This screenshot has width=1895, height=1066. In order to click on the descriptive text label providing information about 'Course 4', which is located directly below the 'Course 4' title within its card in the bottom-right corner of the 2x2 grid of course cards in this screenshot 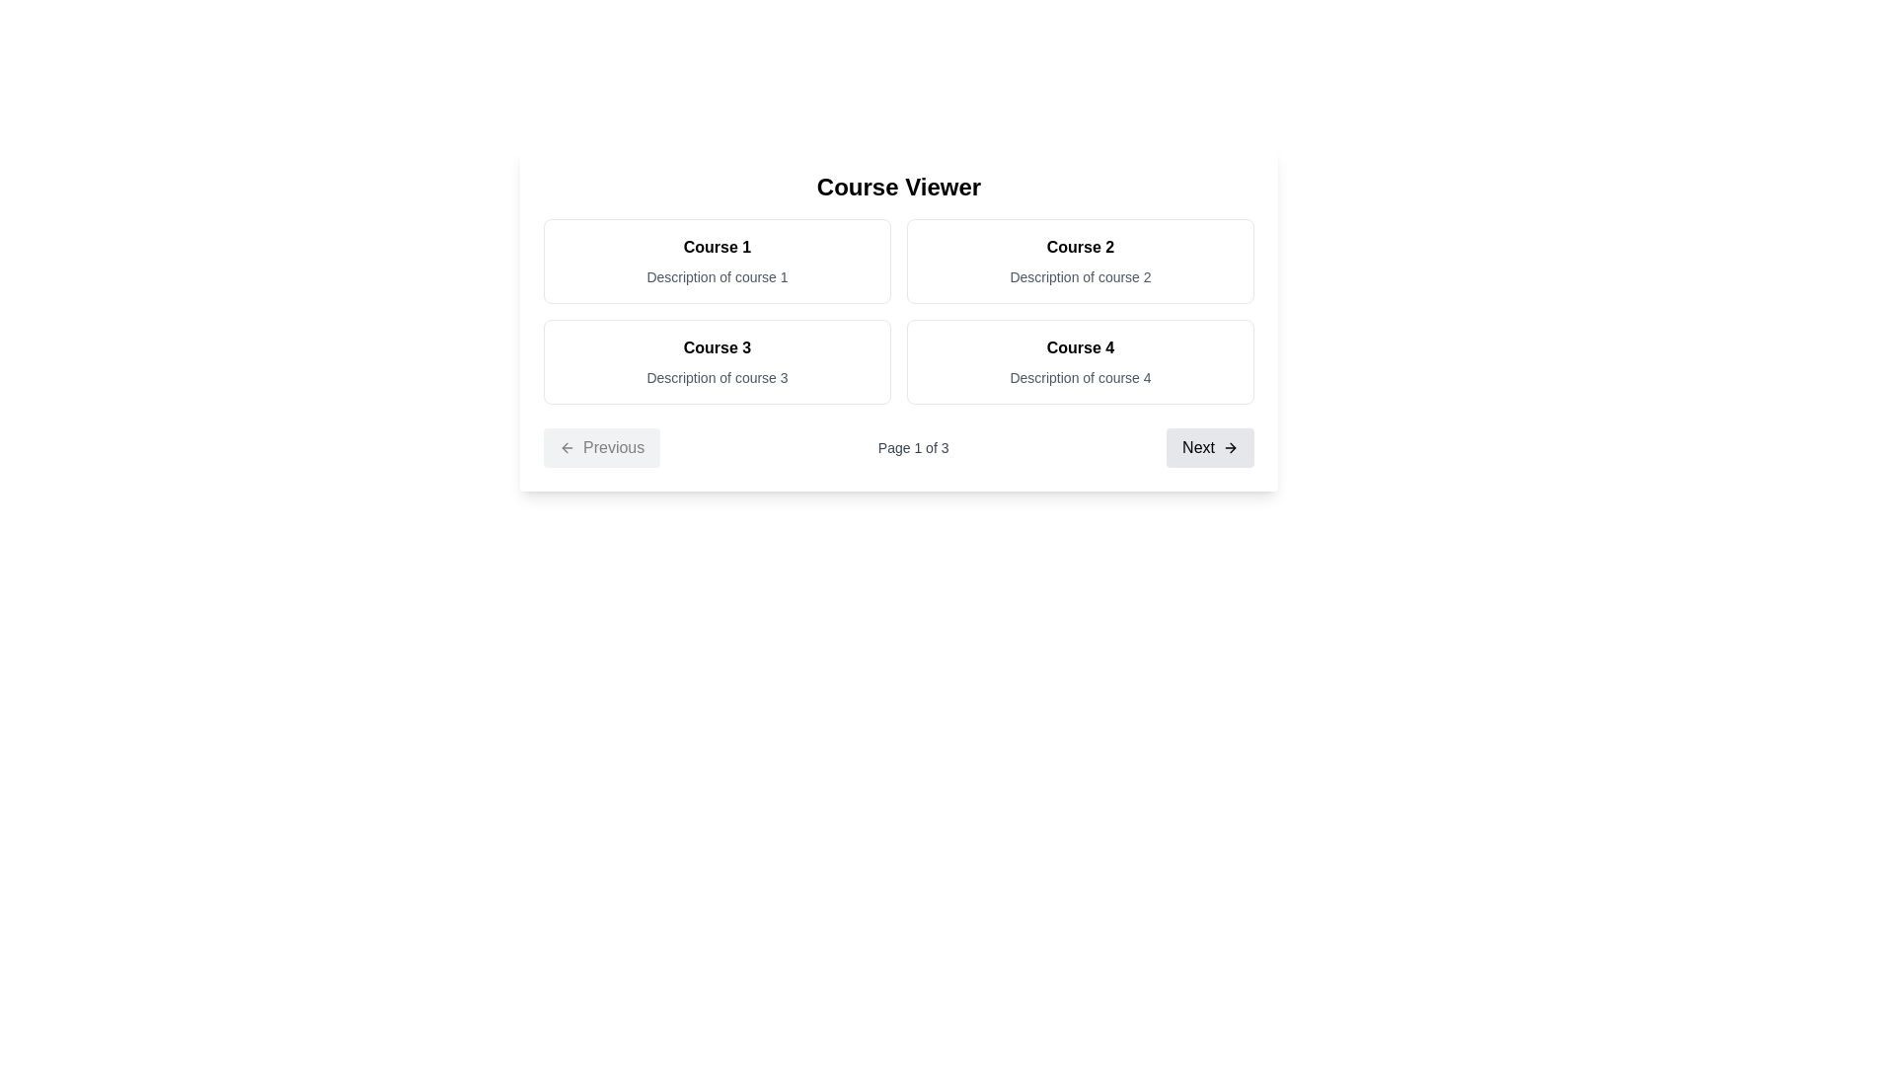, I will do `click(1079, 377)`.